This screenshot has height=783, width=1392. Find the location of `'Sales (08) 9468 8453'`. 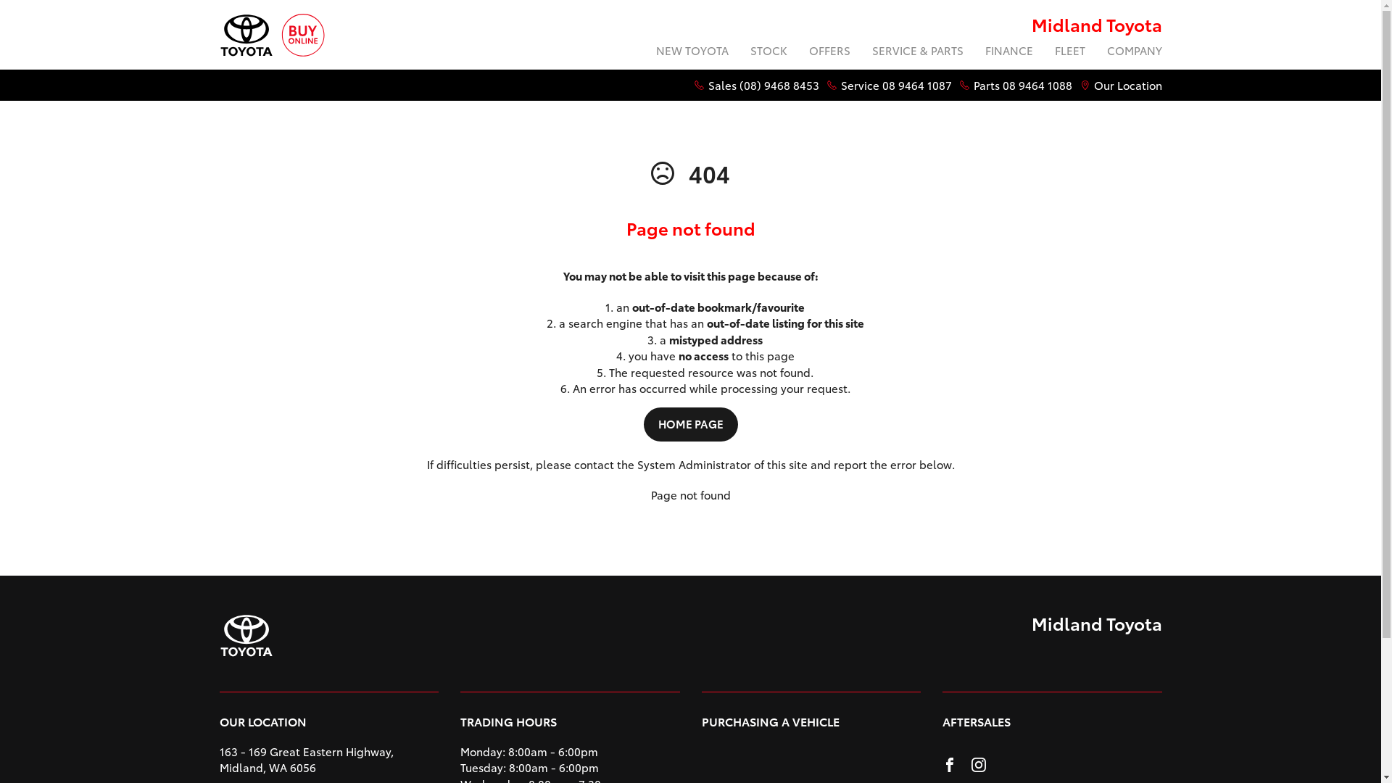

'Sales (08) 9468 8453' is located at coordinates (762, 85).